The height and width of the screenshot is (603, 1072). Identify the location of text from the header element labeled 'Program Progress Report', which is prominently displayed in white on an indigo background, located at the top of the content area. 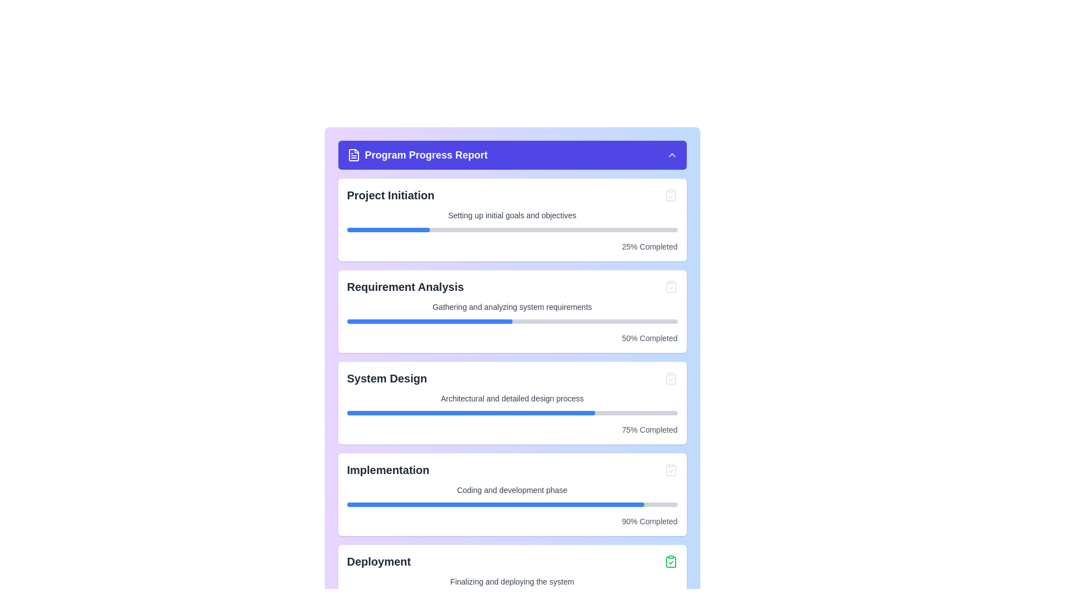
(417, 155).